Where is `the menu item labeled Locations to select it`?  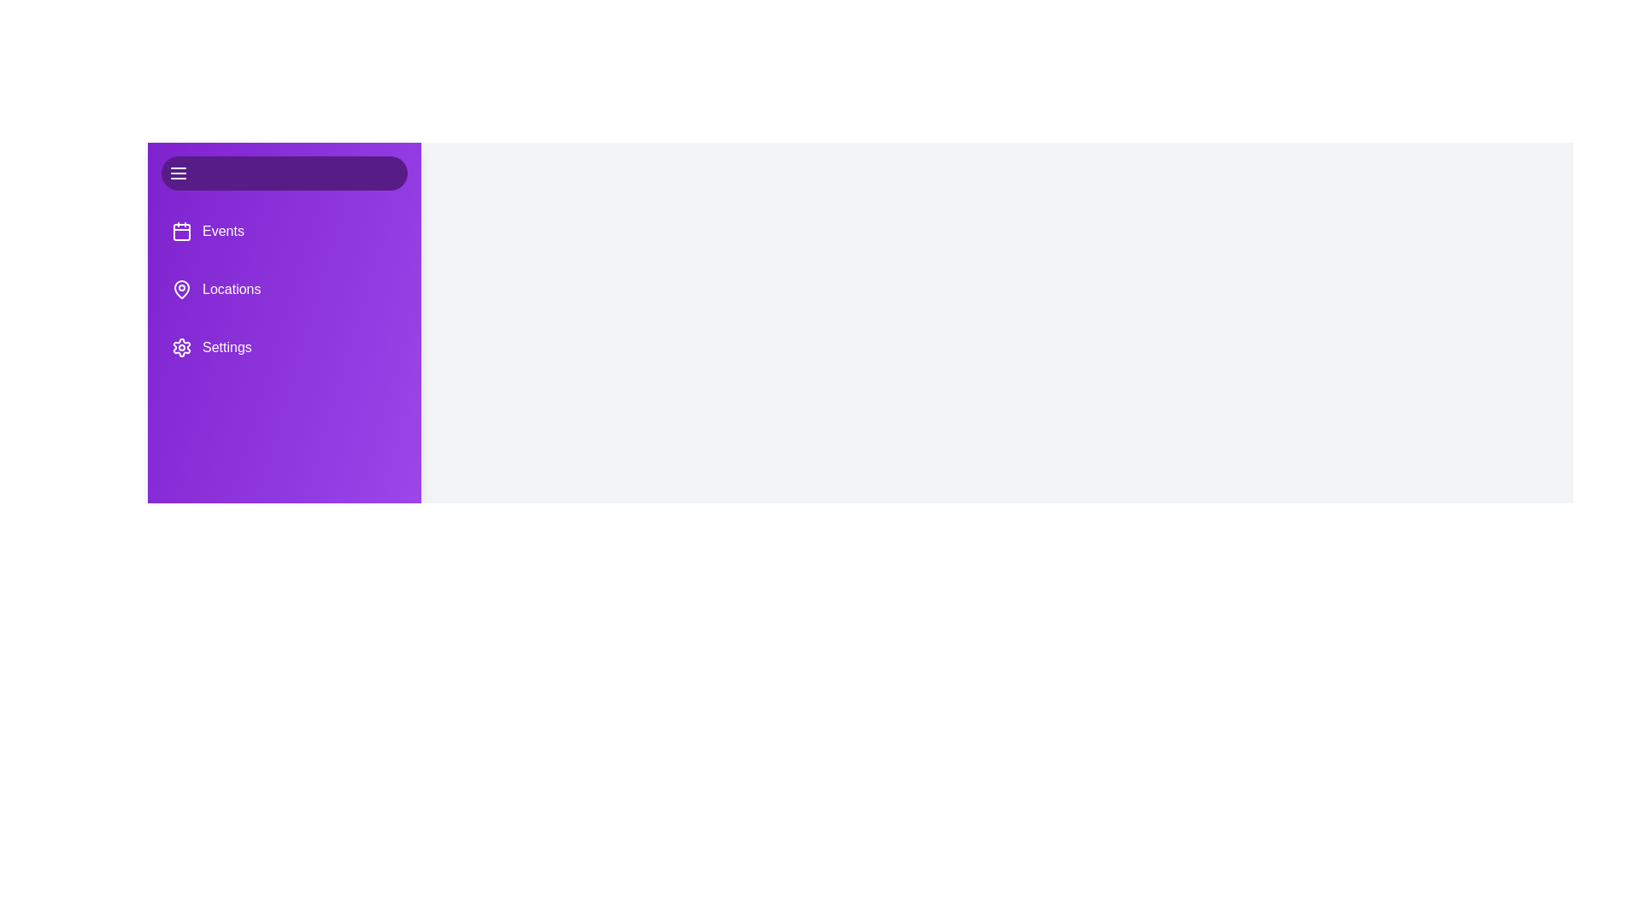 the menu item labeled Locations to select it is located at coordinates (284, 289).